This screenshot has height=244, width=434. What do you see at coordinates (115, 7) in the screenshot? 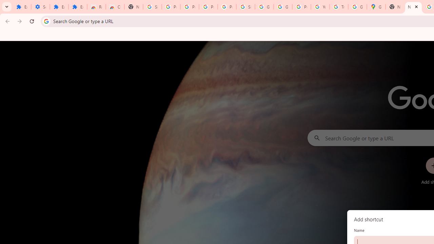
I see `'Chrome Web Store - Themes'` at bounding box center [115, 7].